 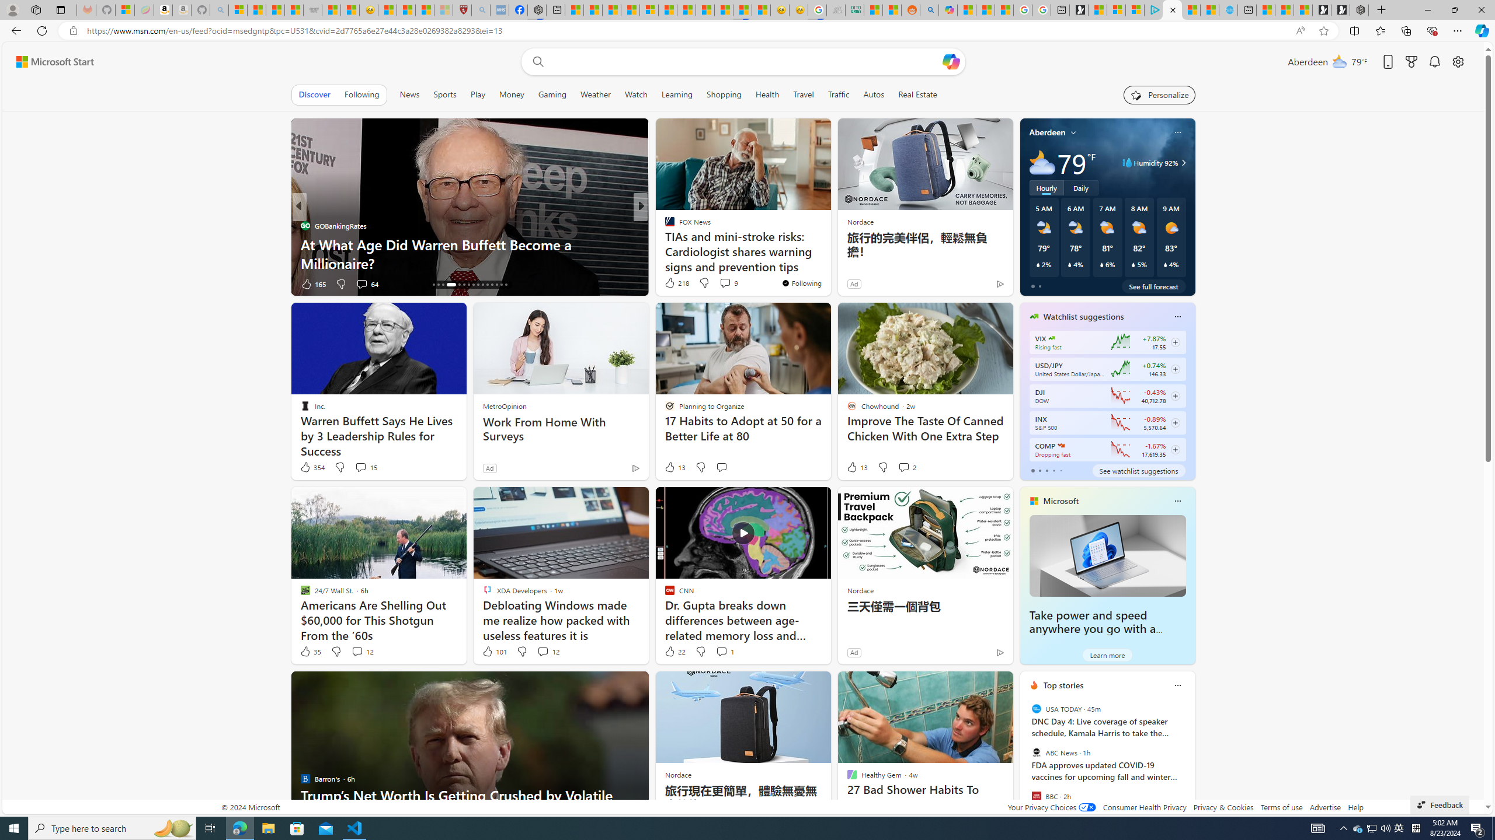 I want to click on 'You', so click(x=801, y=283).